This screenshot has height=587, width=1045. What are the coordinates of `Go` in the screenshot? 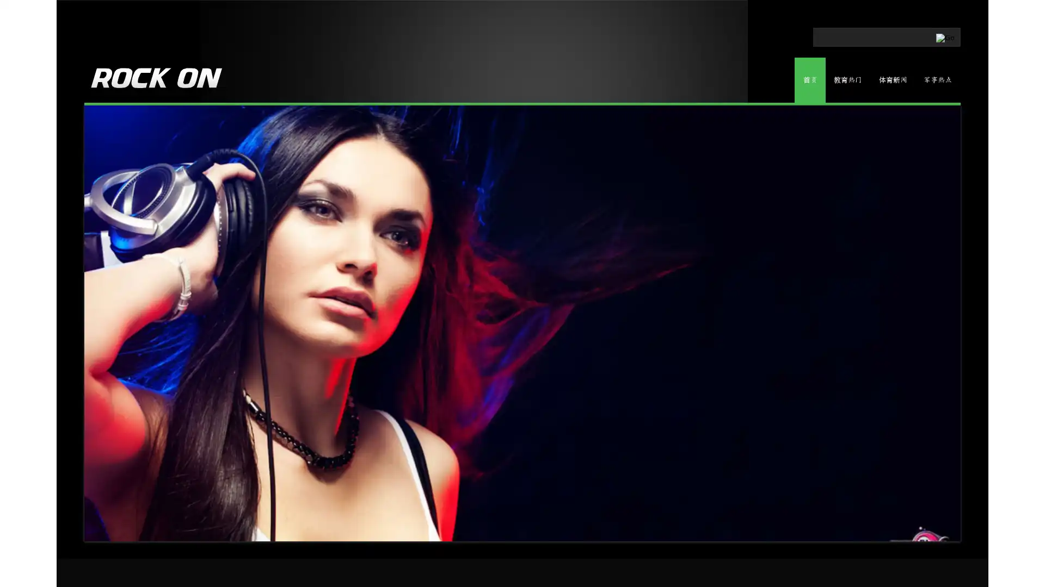 It's located at (899, 35).